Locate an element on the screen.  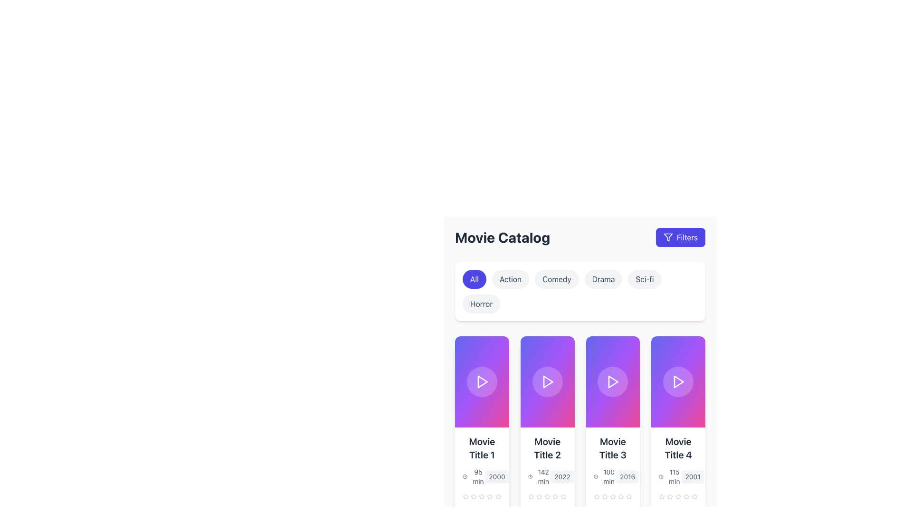
the first star-shaped rating icon under 'Movie Title 1' in the movie catalog grid is located at coordinates (482, 496).